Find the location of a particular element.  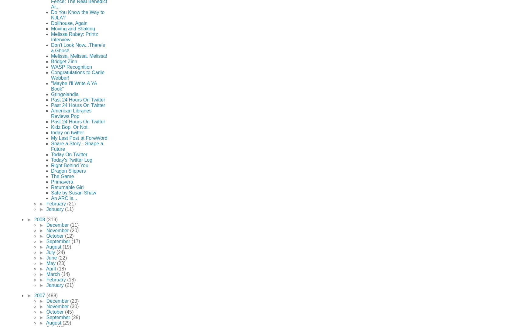

'(45)' is located at coordinates (69, 311).